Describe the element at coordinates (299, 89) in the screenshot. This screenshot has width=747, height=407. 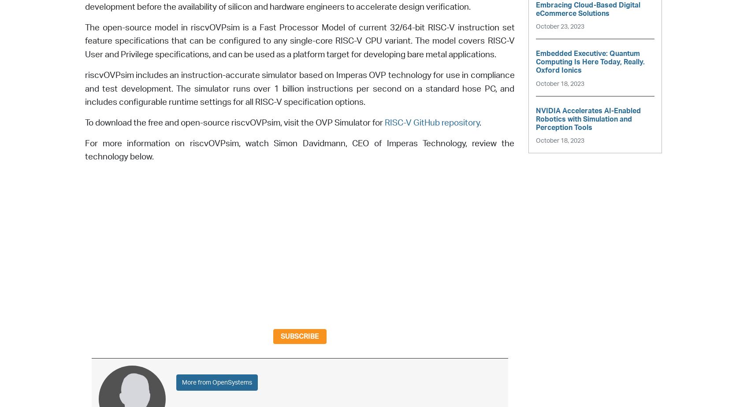
I see `'riscvOVPsim includes an instruction-accurate simulator based on Imperas OVP technology for use in compliance and test development. The simulator runs over 1 billion instructions per second on a standard hose PC, and includes configurable runtime settings for all RISC-V specification options.'` at that location.